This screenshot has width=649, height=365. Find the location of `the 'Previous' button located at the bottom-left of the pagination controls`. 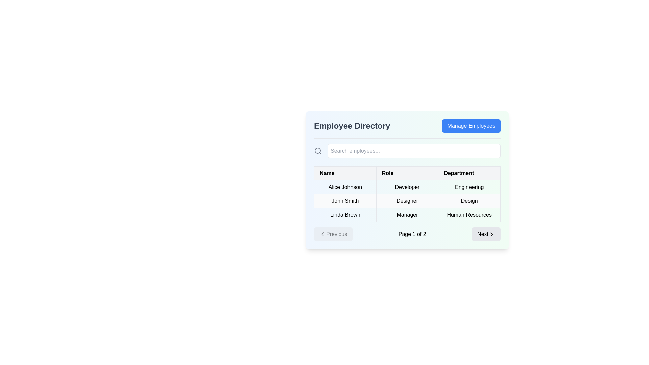

the 'Previous' button located at the bottom-left of the pagination controls is located at coordinates (333, 234).